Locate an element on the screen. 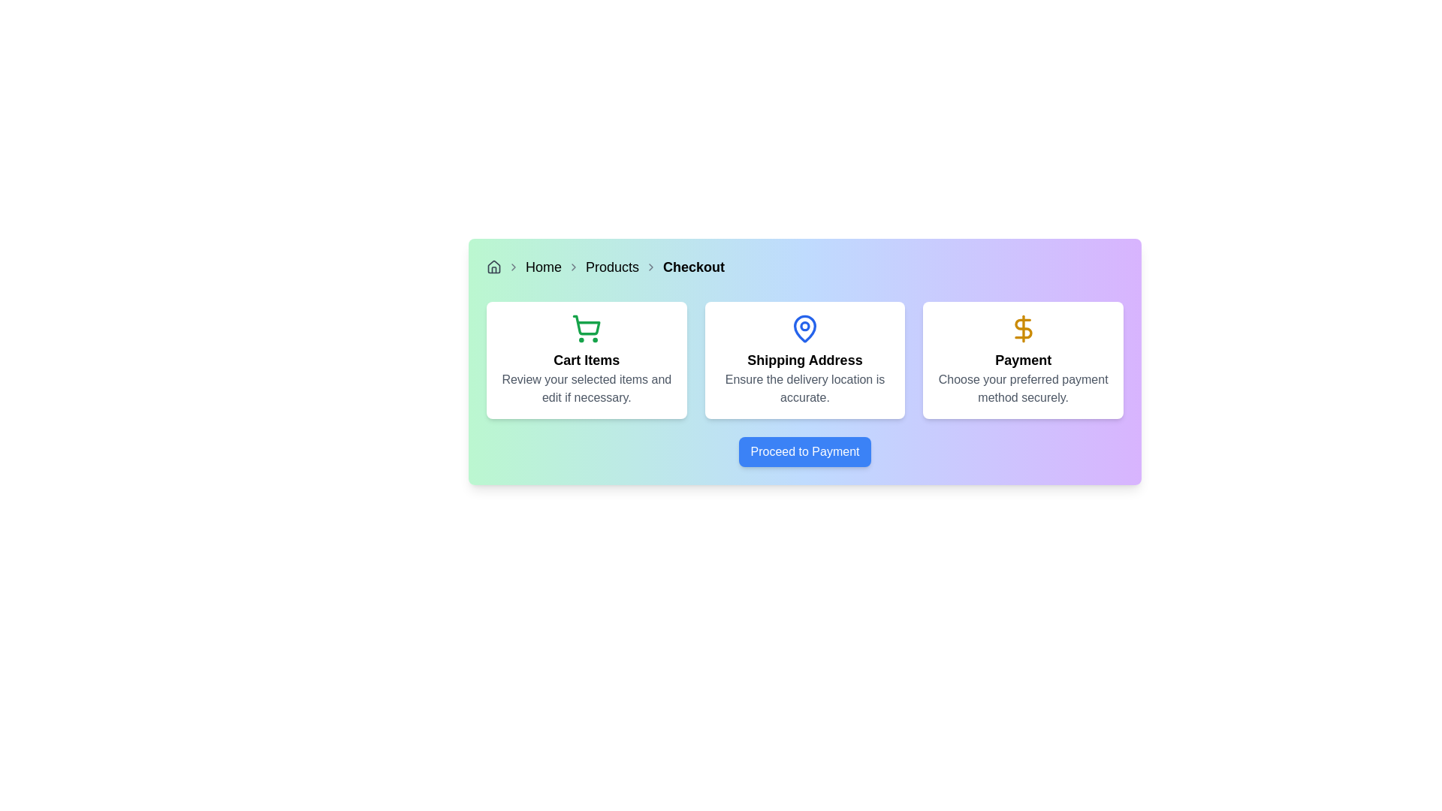 This screenshot has height=811, width=1442. the Informational card with the 'Cart Items' title and shopping cart icon, which is the first element in the top left corner of the grouping is located at coordinates (586, 360).